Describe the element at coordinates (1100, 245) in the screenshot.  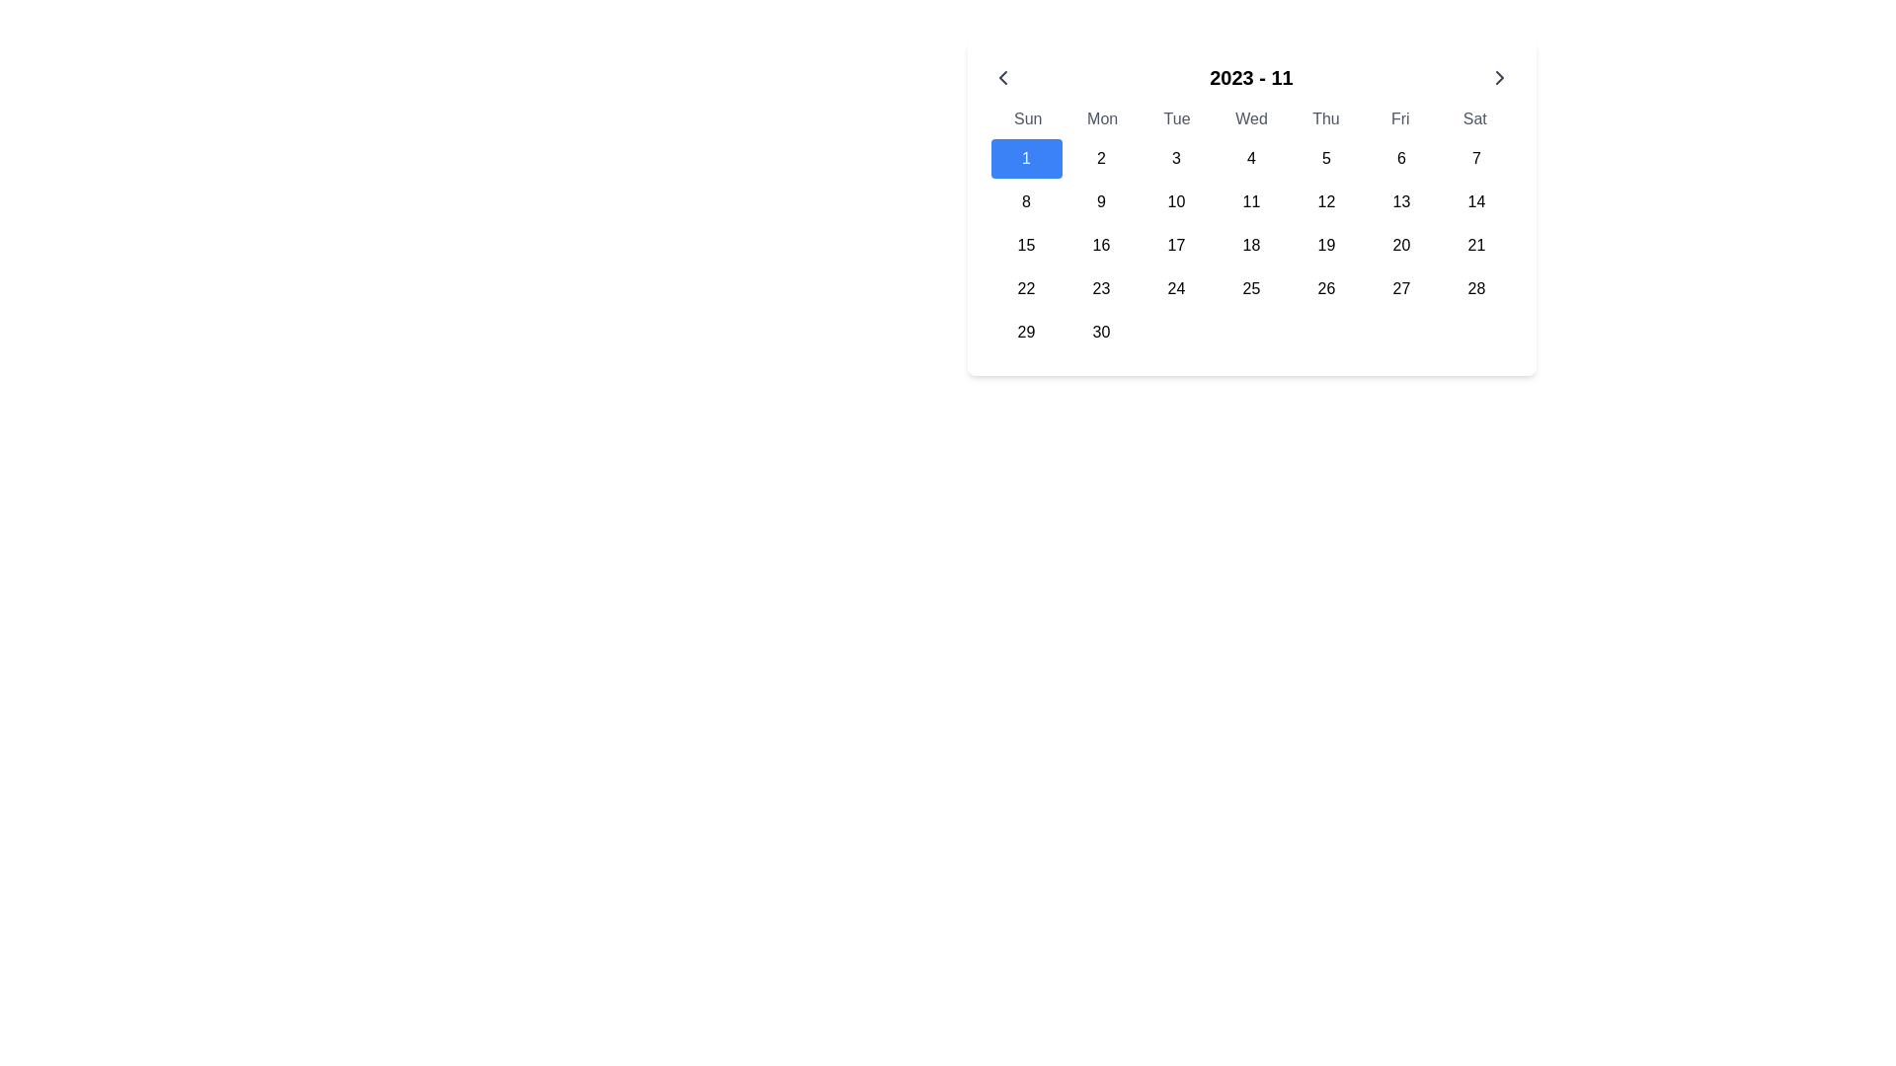
I see `the date '16' button in the calendar grid` at that location.